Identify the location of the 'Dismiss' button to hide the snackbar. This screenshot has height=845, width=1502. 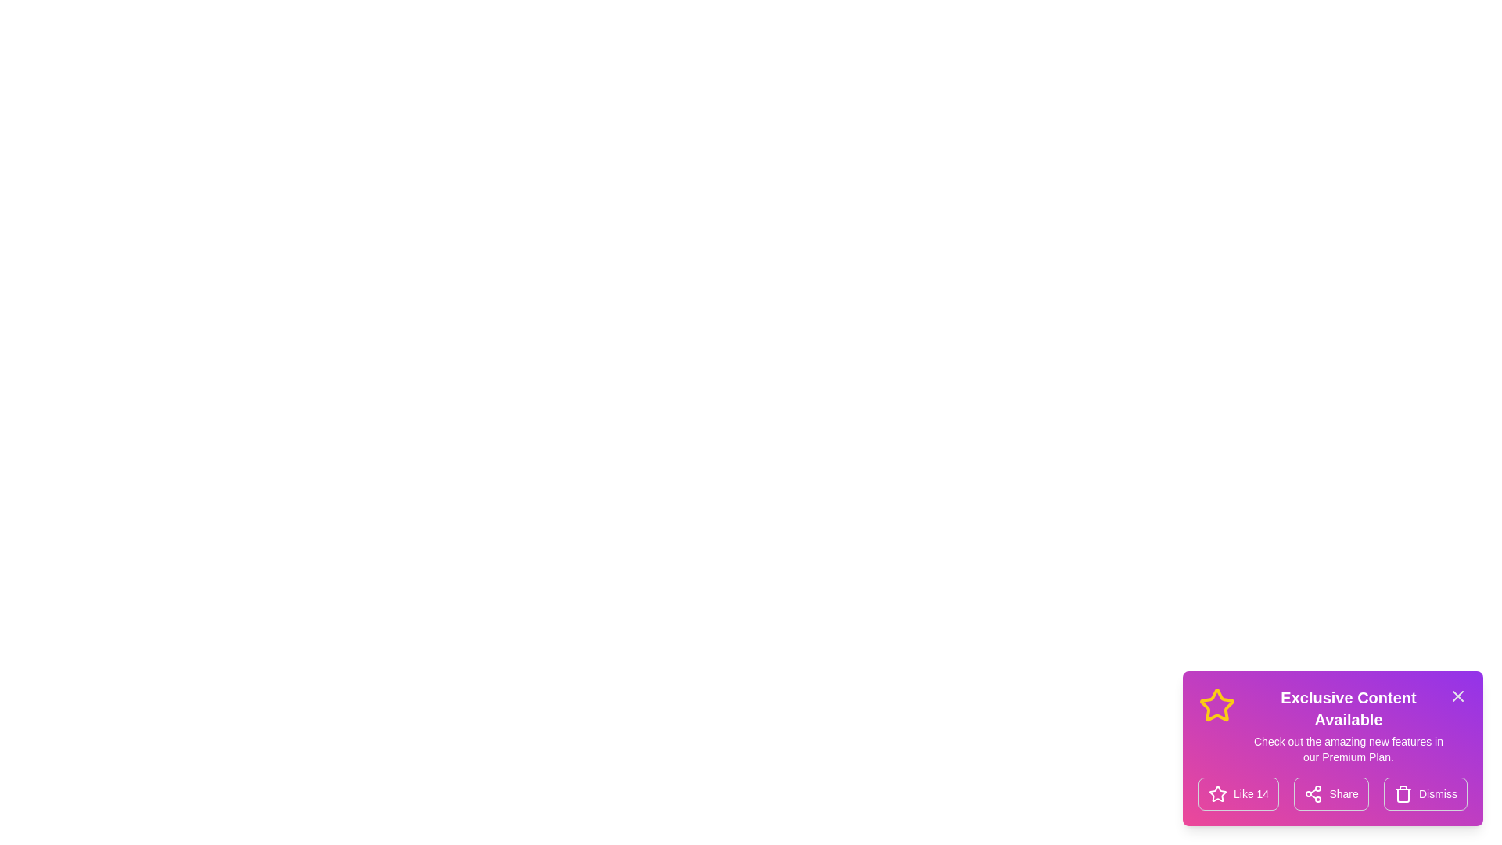
(1425, 793).